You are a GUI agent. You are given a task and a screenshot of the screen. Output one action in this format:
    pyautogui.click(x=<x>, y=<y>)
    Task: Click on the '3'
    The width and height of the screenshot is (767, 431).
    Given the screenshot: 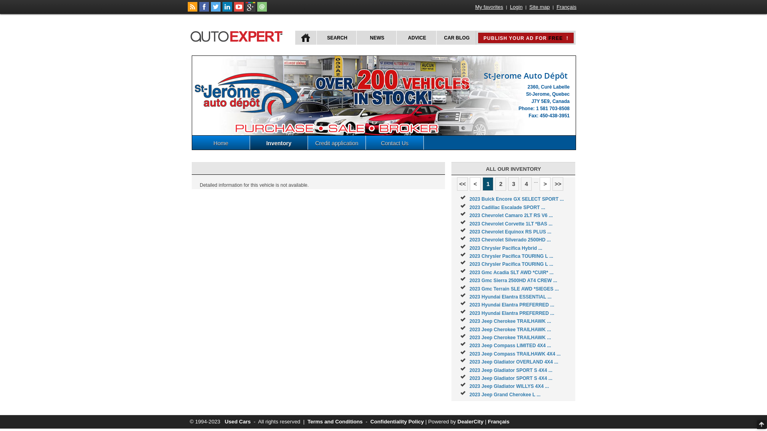 What is the action you would take?
    pyautogui.click(x=513, y=184)
    